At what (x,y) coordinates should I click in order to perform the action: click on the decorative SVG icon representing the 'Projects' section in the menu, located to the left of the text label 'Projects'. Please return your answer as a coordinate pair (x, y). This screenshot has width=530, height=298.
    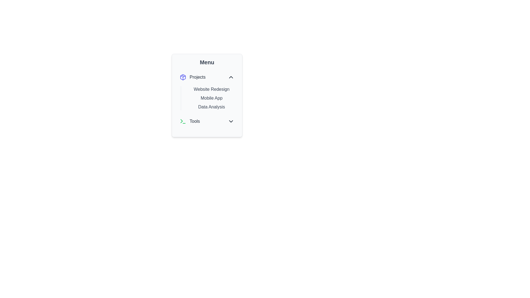
    Looking at the image, I should click on (183, 77).